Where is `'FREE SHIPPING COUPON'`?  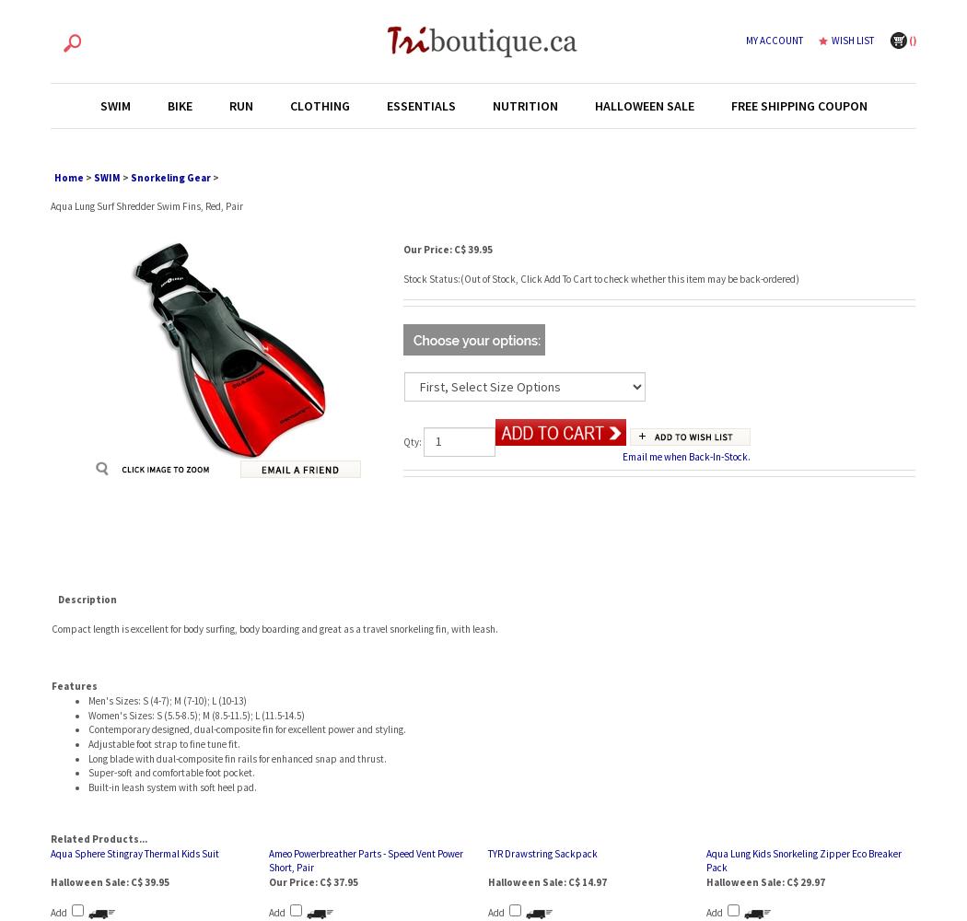 'FREE SHIPPING COUPON' is located at coordinates (797, 105).